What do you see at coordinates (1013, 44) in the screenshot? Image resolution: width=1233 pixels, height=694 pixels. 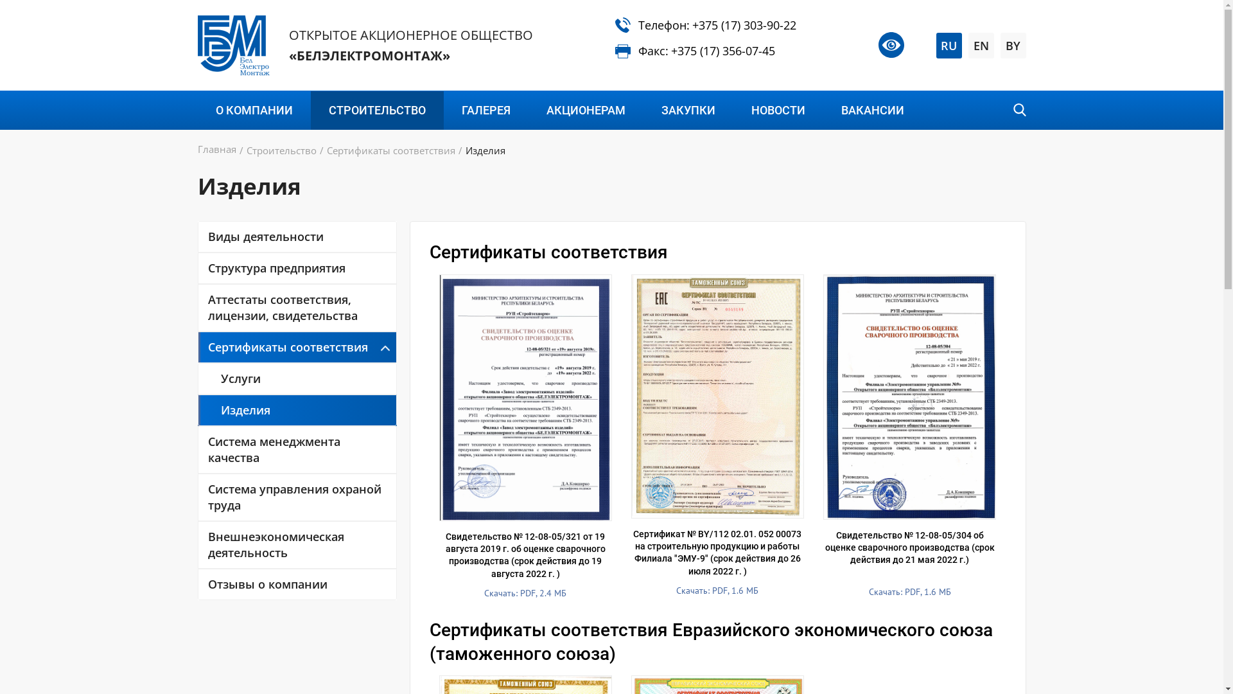 I see `'BY'` at bounding box center [1013, 44].